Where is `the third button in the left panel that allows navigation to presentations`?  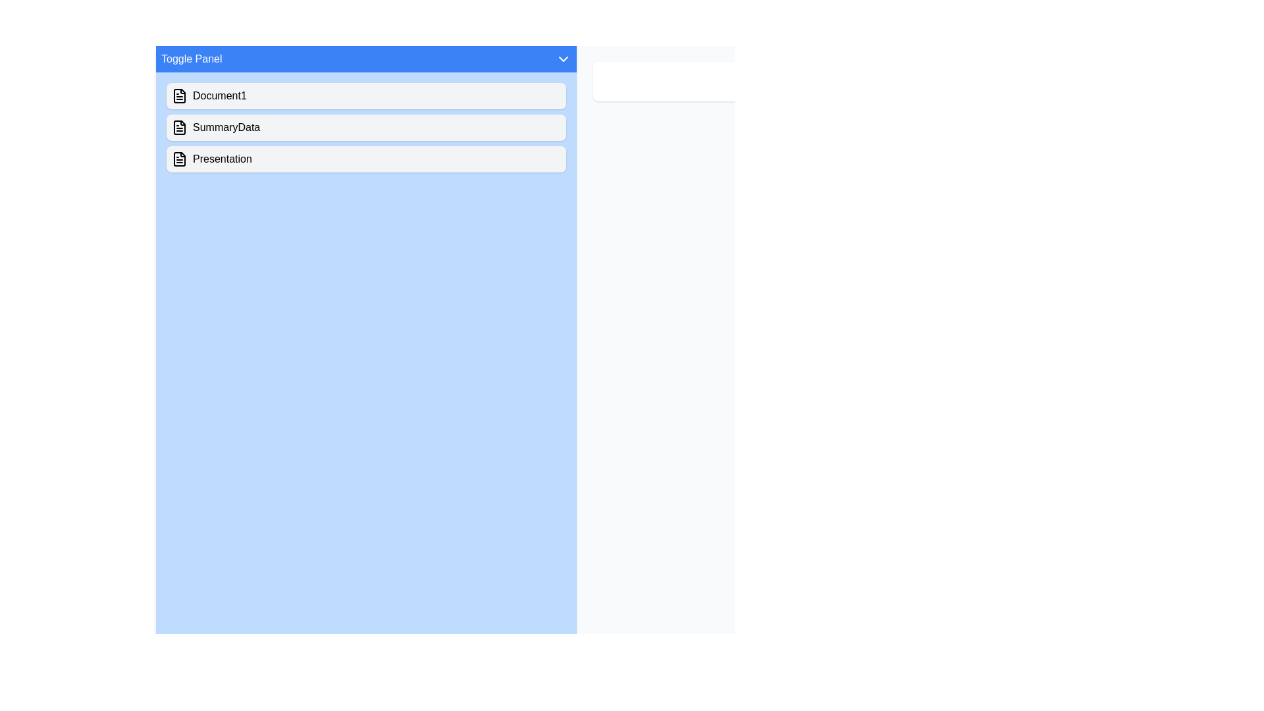
the third button in the left panel that allows navigation to presentations is located at coordinates (366, 159).